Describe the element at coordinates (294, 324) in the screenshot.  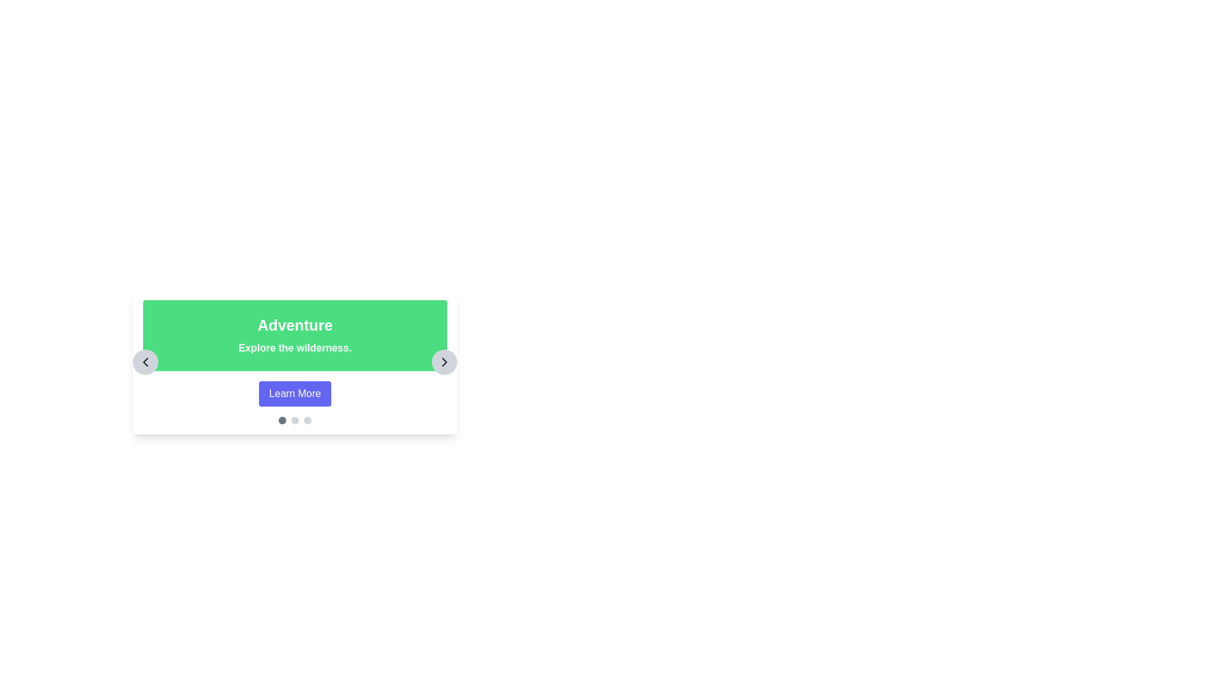
I see `the Text element that serves as a title or label, positioned above the text 'Explore the wilderness.'` at that location.